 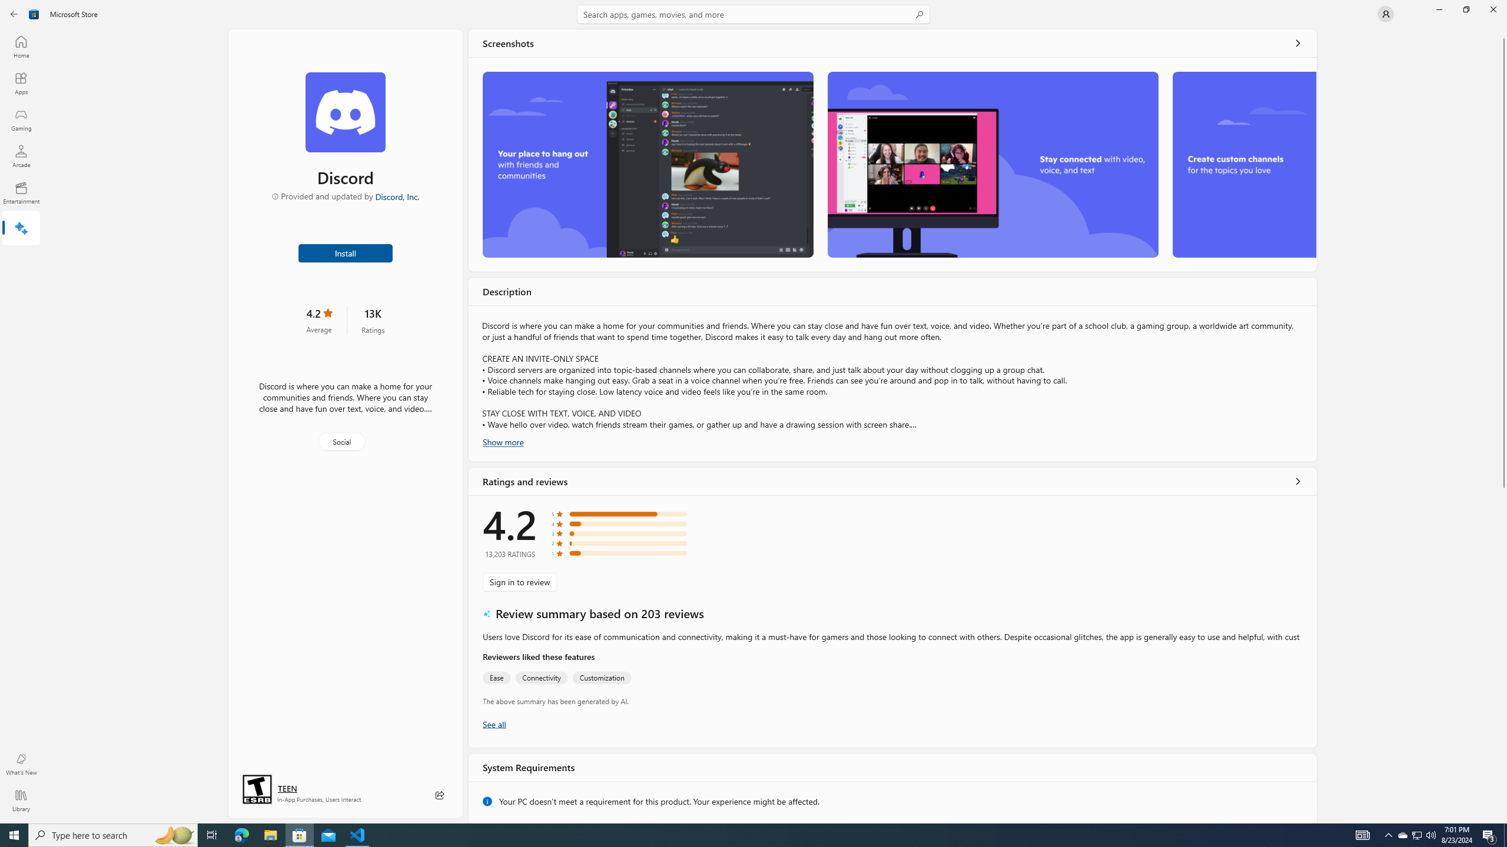 I want to click on 'What', so click(x=20, y=763).